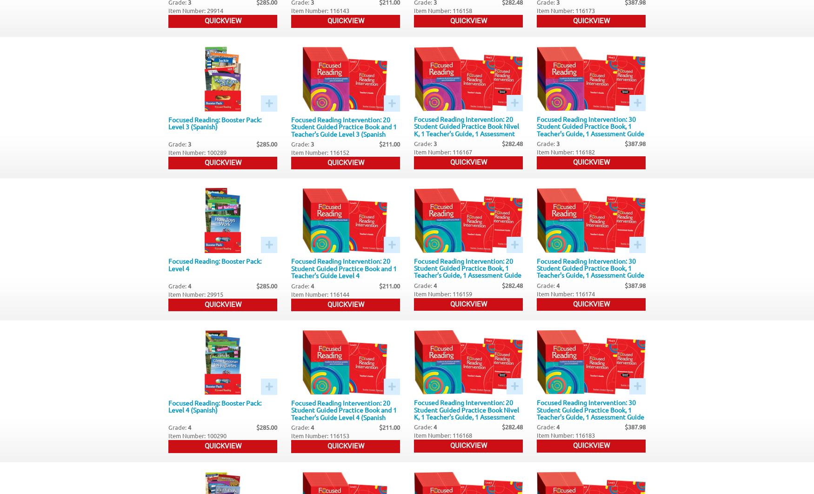 This screenshot has width=814, height=494. I want to click on 'Item Number: 29914', so click(195, 10).